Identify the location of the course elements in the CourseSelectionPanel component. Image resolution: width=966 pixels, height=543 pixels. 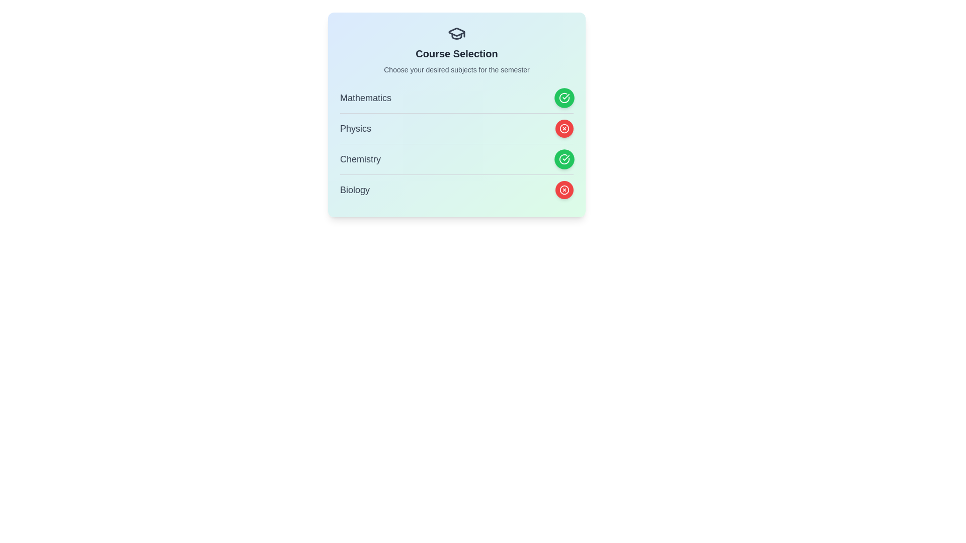
(456, 114).